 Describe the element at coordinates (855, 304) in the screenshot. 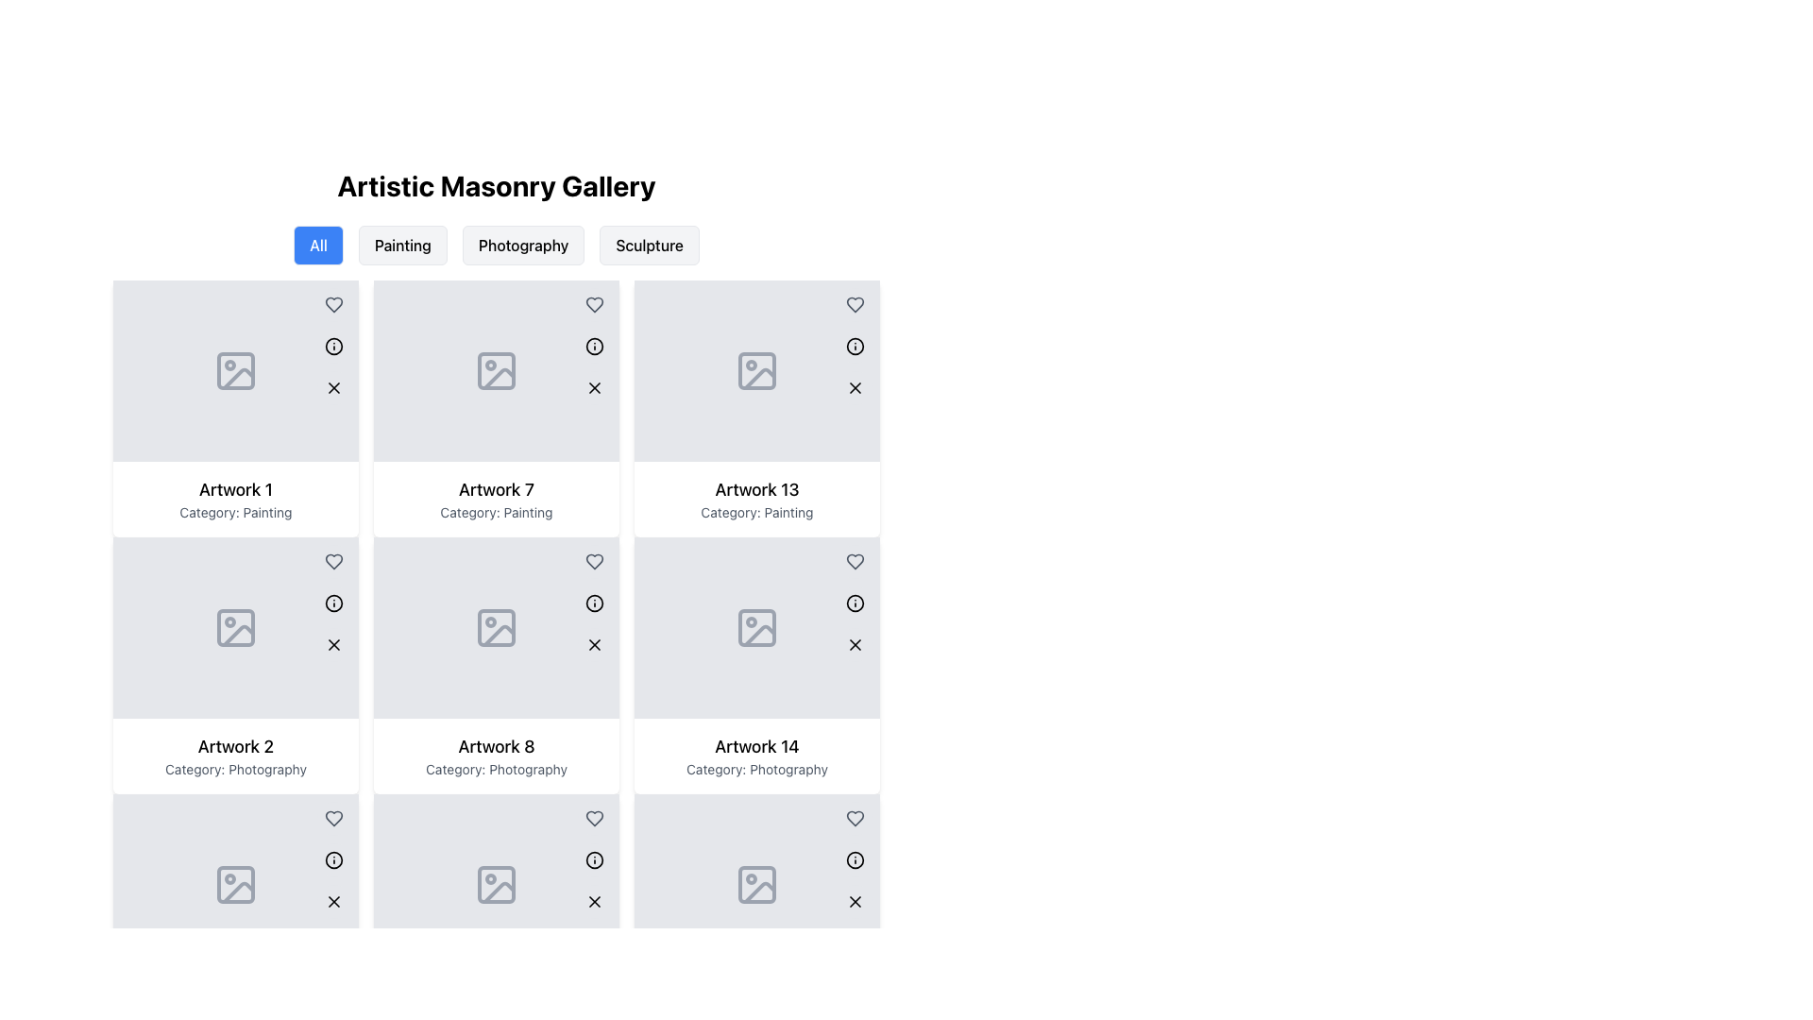

I see `the favorite or like button located at the top-right corner of the tile labeled 'Artwork 13, Category: Painting'` at that location.